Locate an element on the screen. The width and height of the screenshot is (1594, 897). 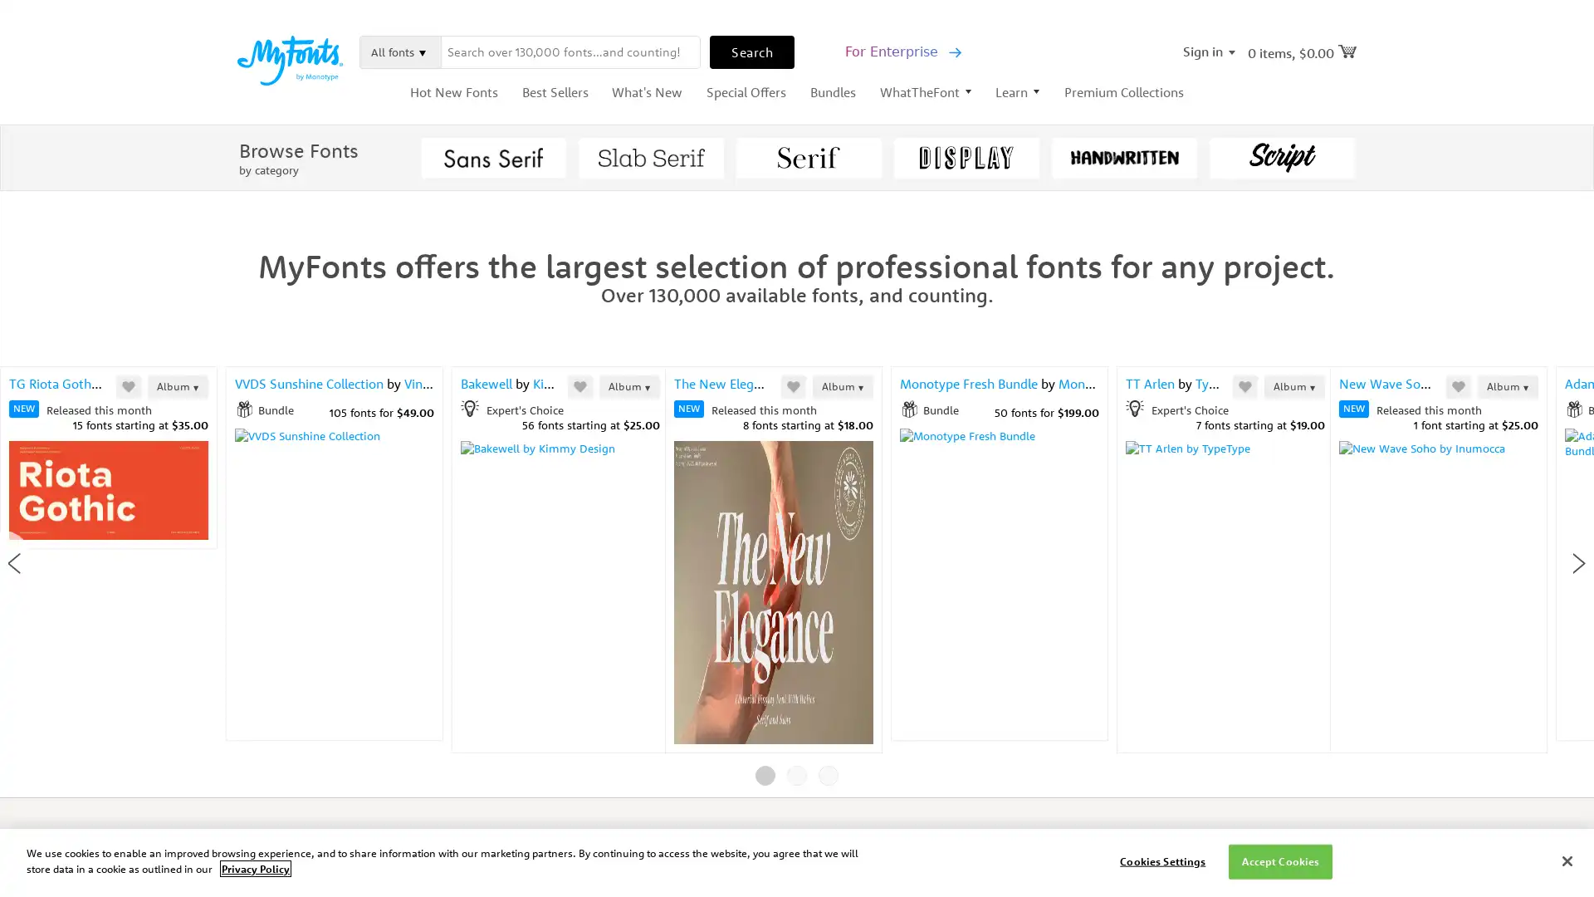
Album is located at coordinates (1551, 386).